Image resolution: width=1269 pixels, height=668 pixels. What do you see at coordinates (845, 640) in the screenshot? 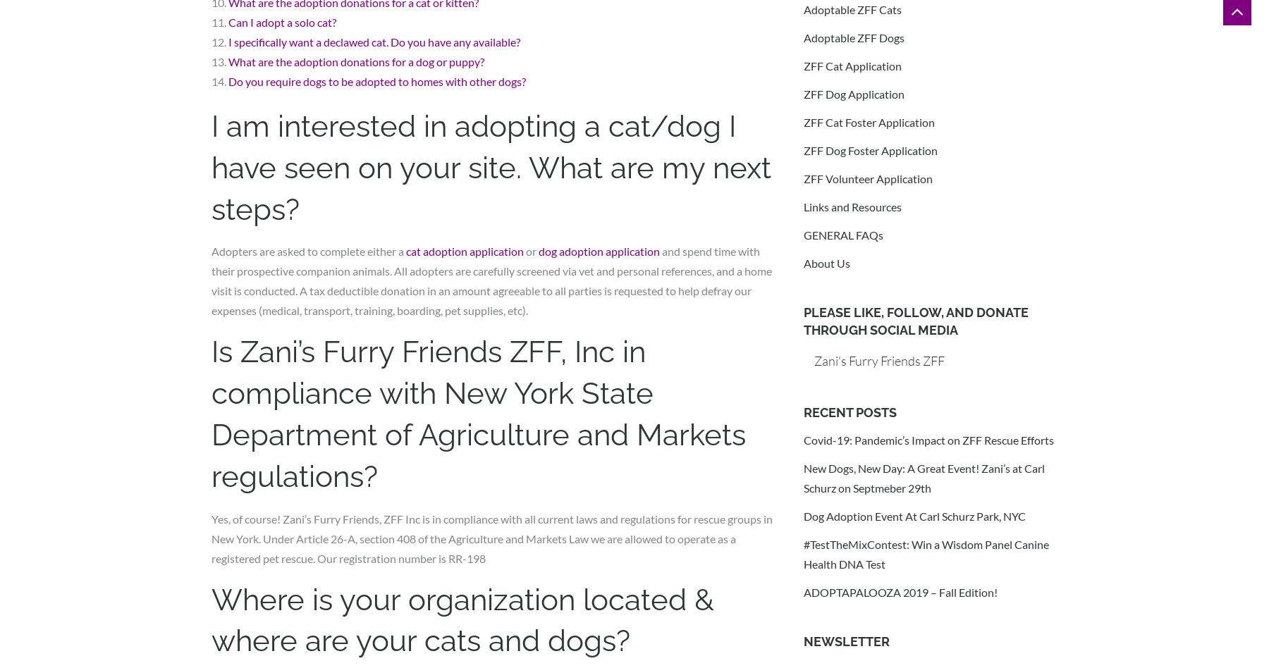
I see `'Newsletter'` at bounding box center [845, 640].